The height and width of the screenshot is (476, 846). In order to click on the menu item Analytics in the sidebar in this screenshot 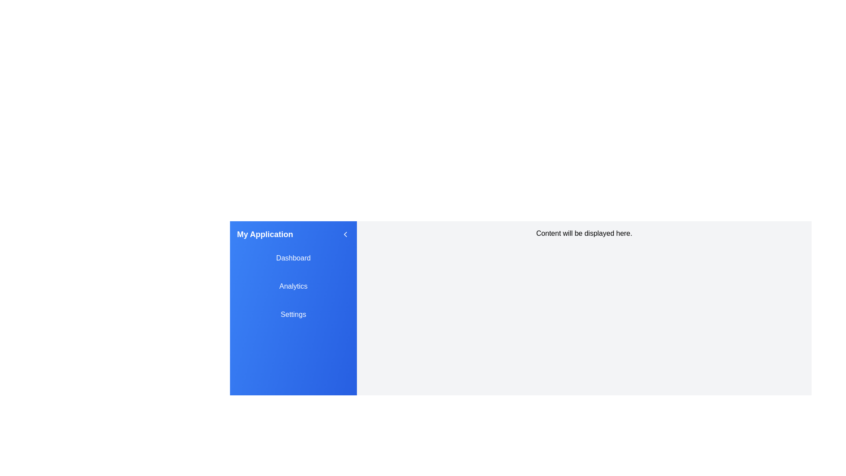, I will do `click(293, 286)`.